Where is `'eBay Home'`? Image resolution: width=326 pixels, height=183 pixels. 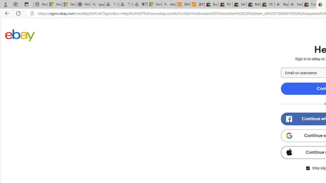
'eBay Home' is located at coordinates (20, 35).